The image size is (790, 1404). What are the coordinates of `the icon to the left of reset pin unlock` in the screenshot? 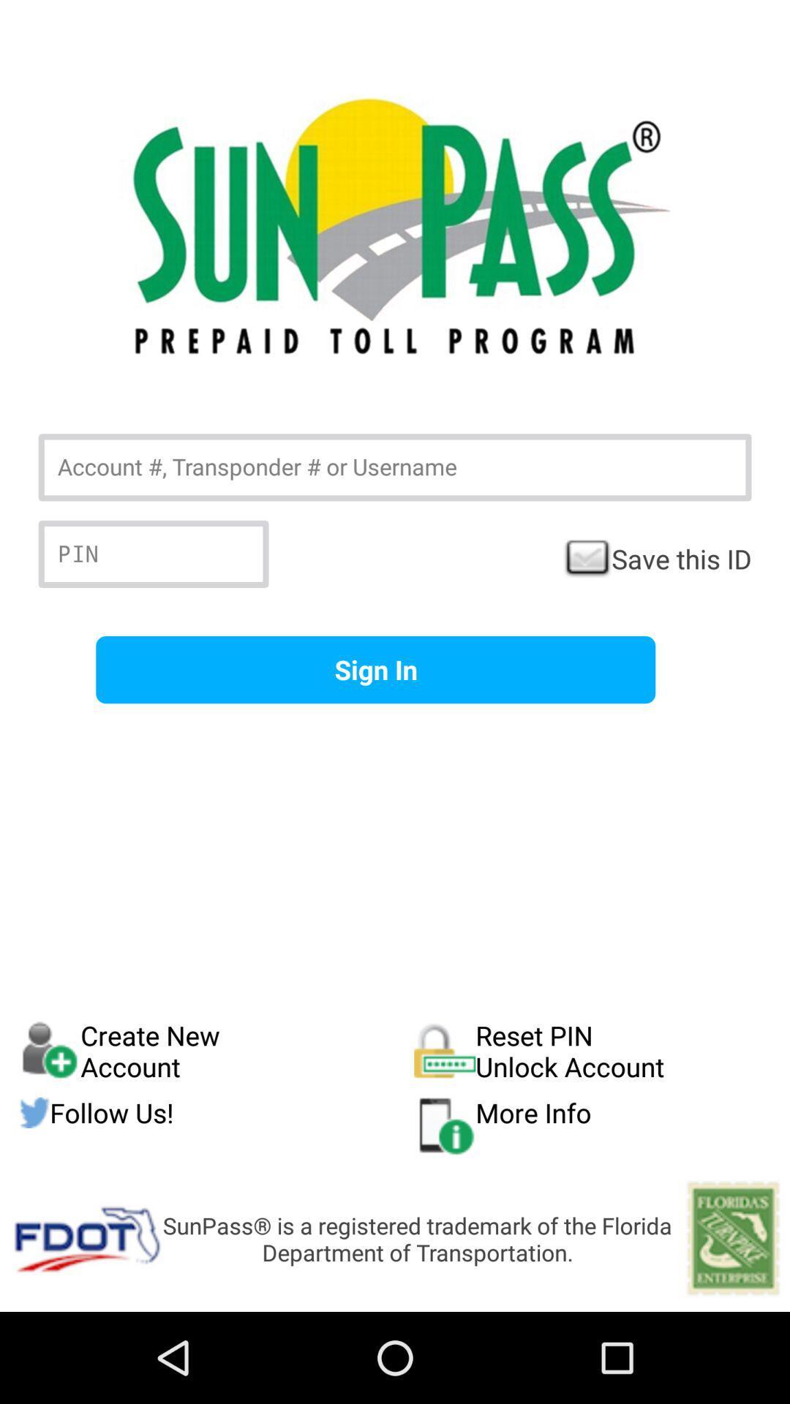 It's located at (217, 1111).